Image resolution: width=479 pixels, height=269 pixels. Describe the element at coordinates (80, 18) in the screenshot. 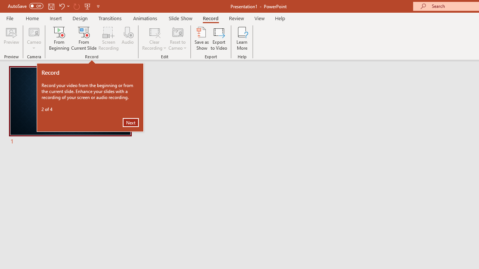

I see `'Design'` at that location.